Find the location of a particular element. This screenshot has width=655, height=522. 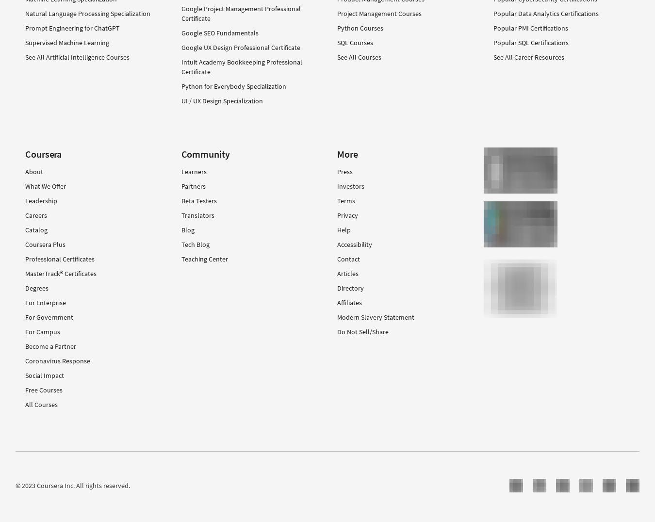

'Google UX Design Professional Certificate' is located at coordinates (240, 47).